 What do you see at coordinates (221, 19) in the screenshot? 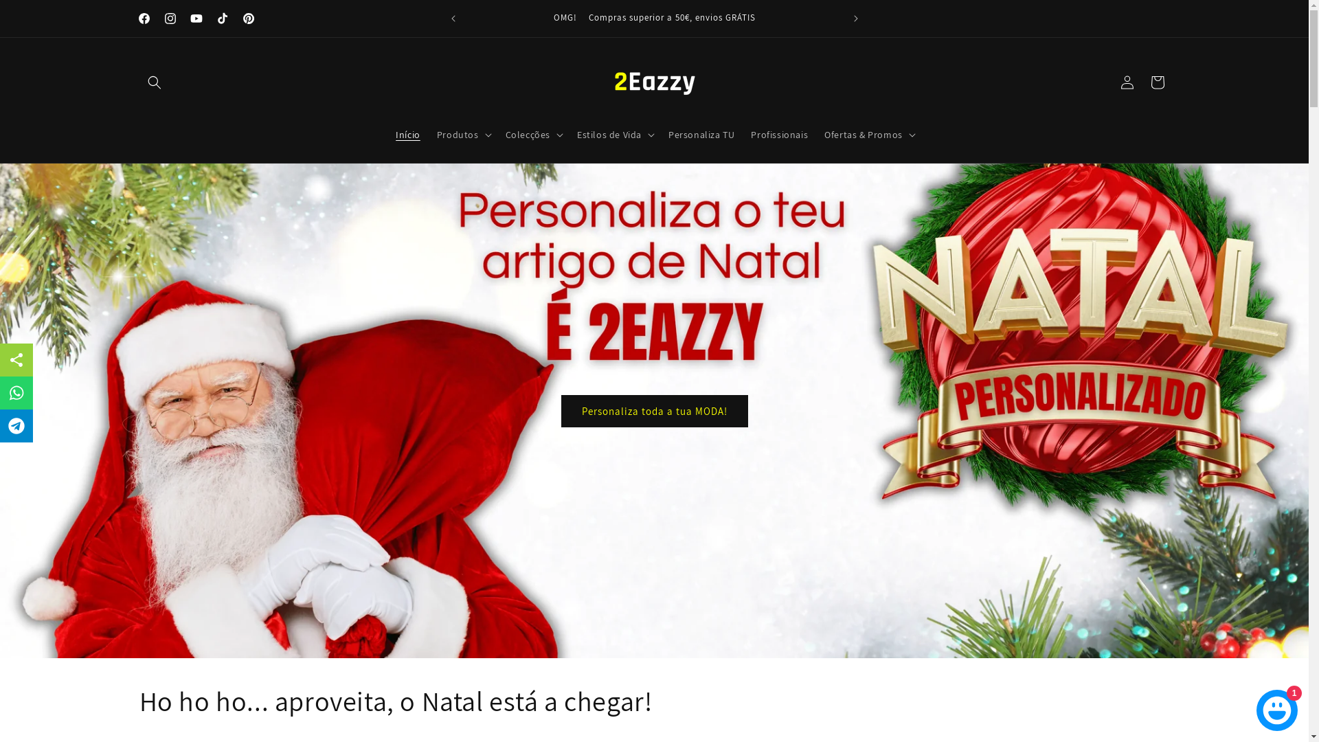
I see `'TikTok'` at bounding box center [221, 19].